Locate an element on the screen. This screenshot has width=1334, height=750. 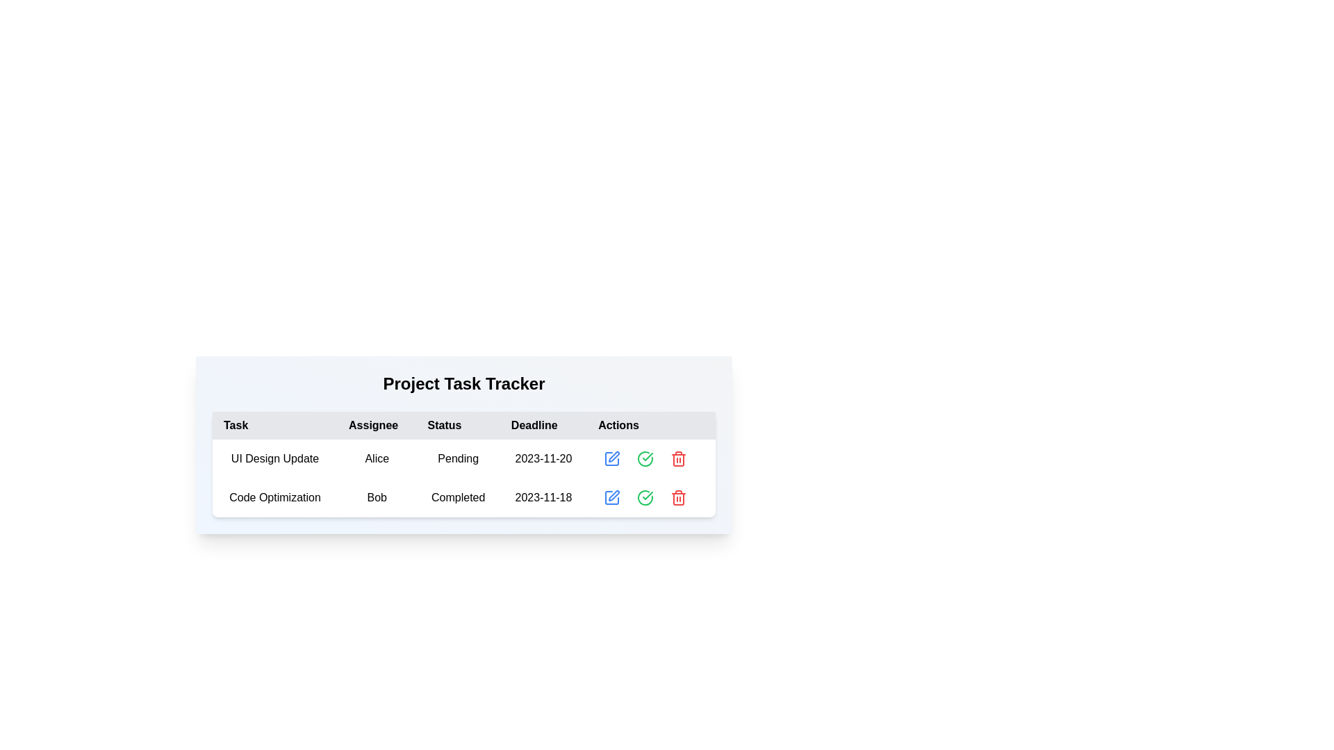
the red trash bin icon located in the second row of the 'Actions' column for the 'Code Optimization' task in the project task tracker is located at coordinates (679, 458).